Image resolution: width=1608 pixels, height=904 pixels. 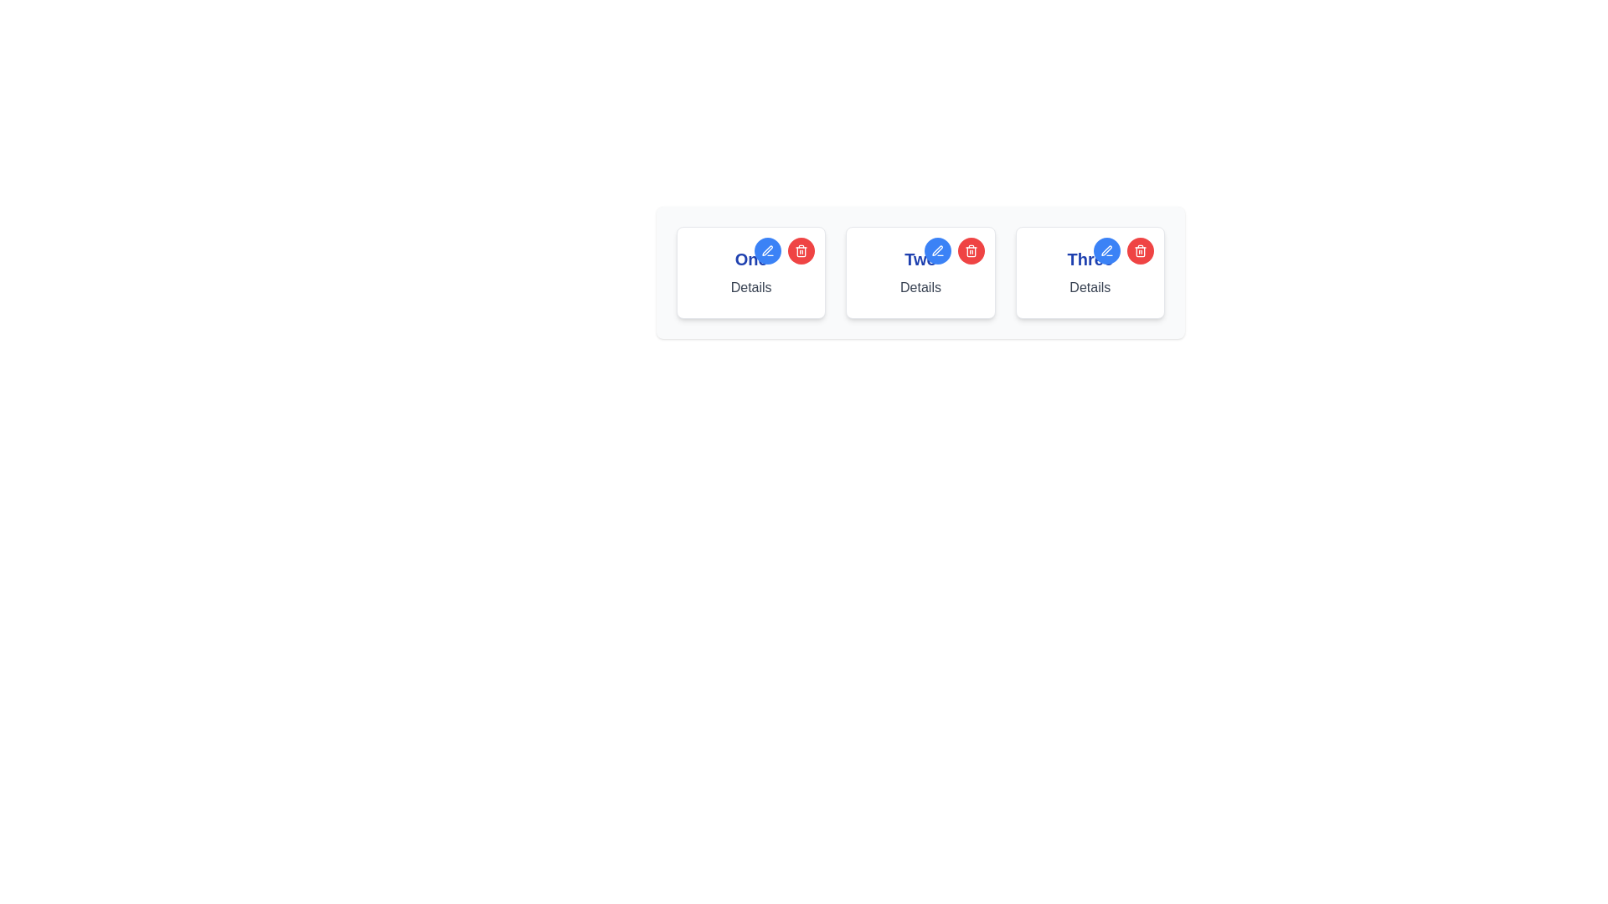 What do you see at coordinates (750, 286) in the screenshot?
I see `text label displaying 'Details' which is styled with a gray font color and positioned below the larger blue text label 'One'` at bounding box center [750, 286].